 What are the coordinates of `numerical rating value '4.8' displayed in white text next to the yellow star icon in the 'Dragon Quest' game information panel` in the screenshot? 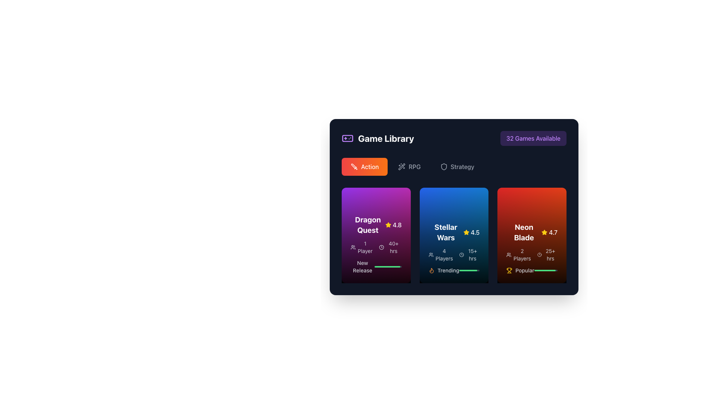 It's located at (397, 224).